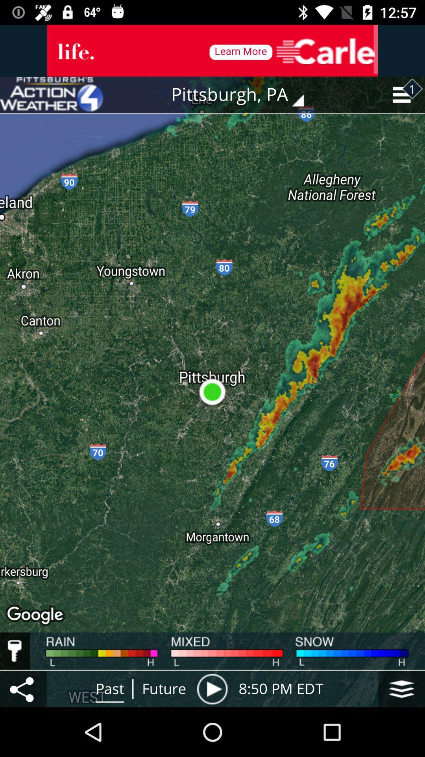 Image resolution: width=425 pixels, height=757 pixels. What do you see at coordinates (213, 50) in the screenshot?
I see `advertisement banner` at bounding box center [213, 50].